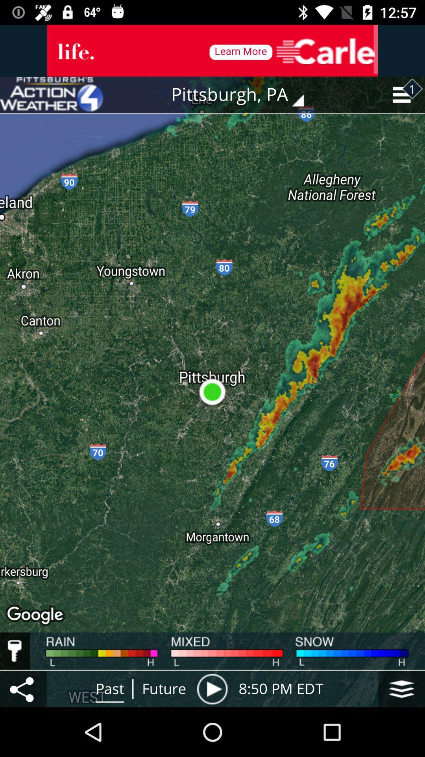 Image resolution: width=425 pixels, height=757 pixels. What do you see at coordinates (213, 50) in the screenshot?
I see `advertisement banner` at bounding box center [213, 50].